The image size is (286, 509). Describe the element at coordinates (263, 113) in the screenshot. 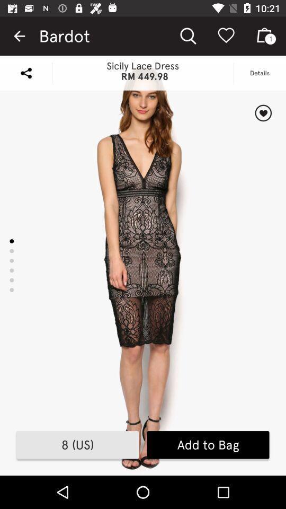

I see `details` at that location.